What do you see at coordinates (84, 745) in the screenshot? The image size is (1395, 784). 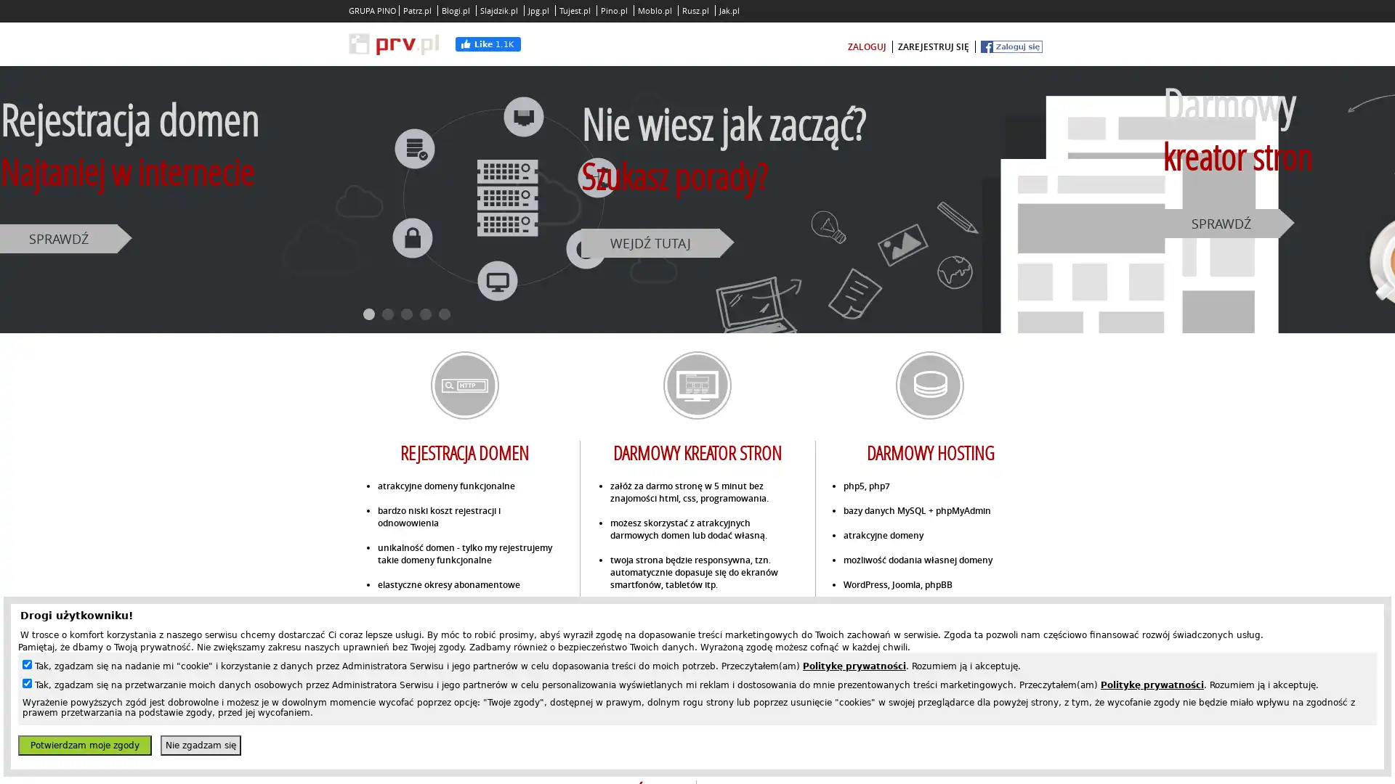 I see `Potwierdzam moje zgody` at bounding box center [84, 745].